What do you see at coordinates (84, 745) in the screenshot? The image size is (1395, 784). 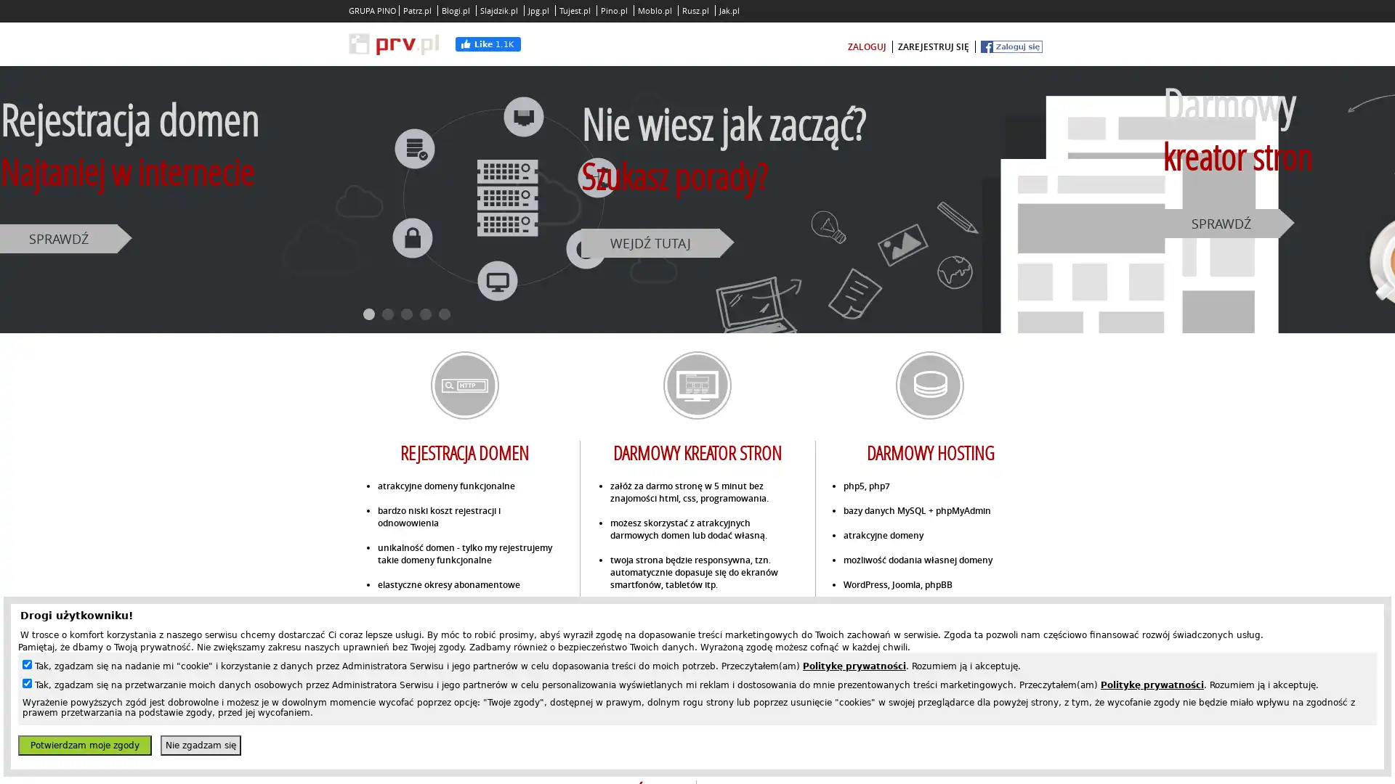 I see `Potwierdzam moje zgody` at bounding box center [84, 745].